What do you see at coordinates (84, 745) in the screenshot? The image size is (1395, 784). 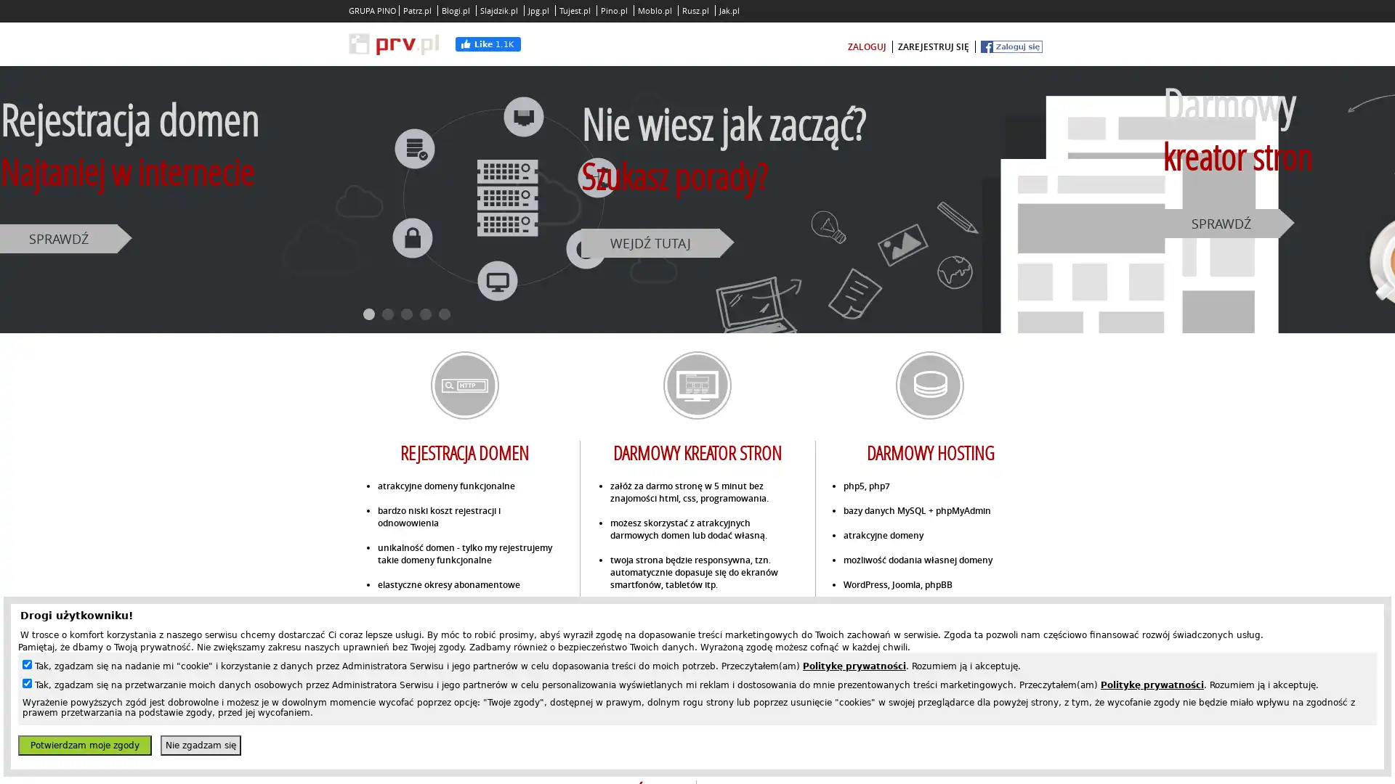 I see `Potwierdzam moje zgody` at bounding box center [84, 745].